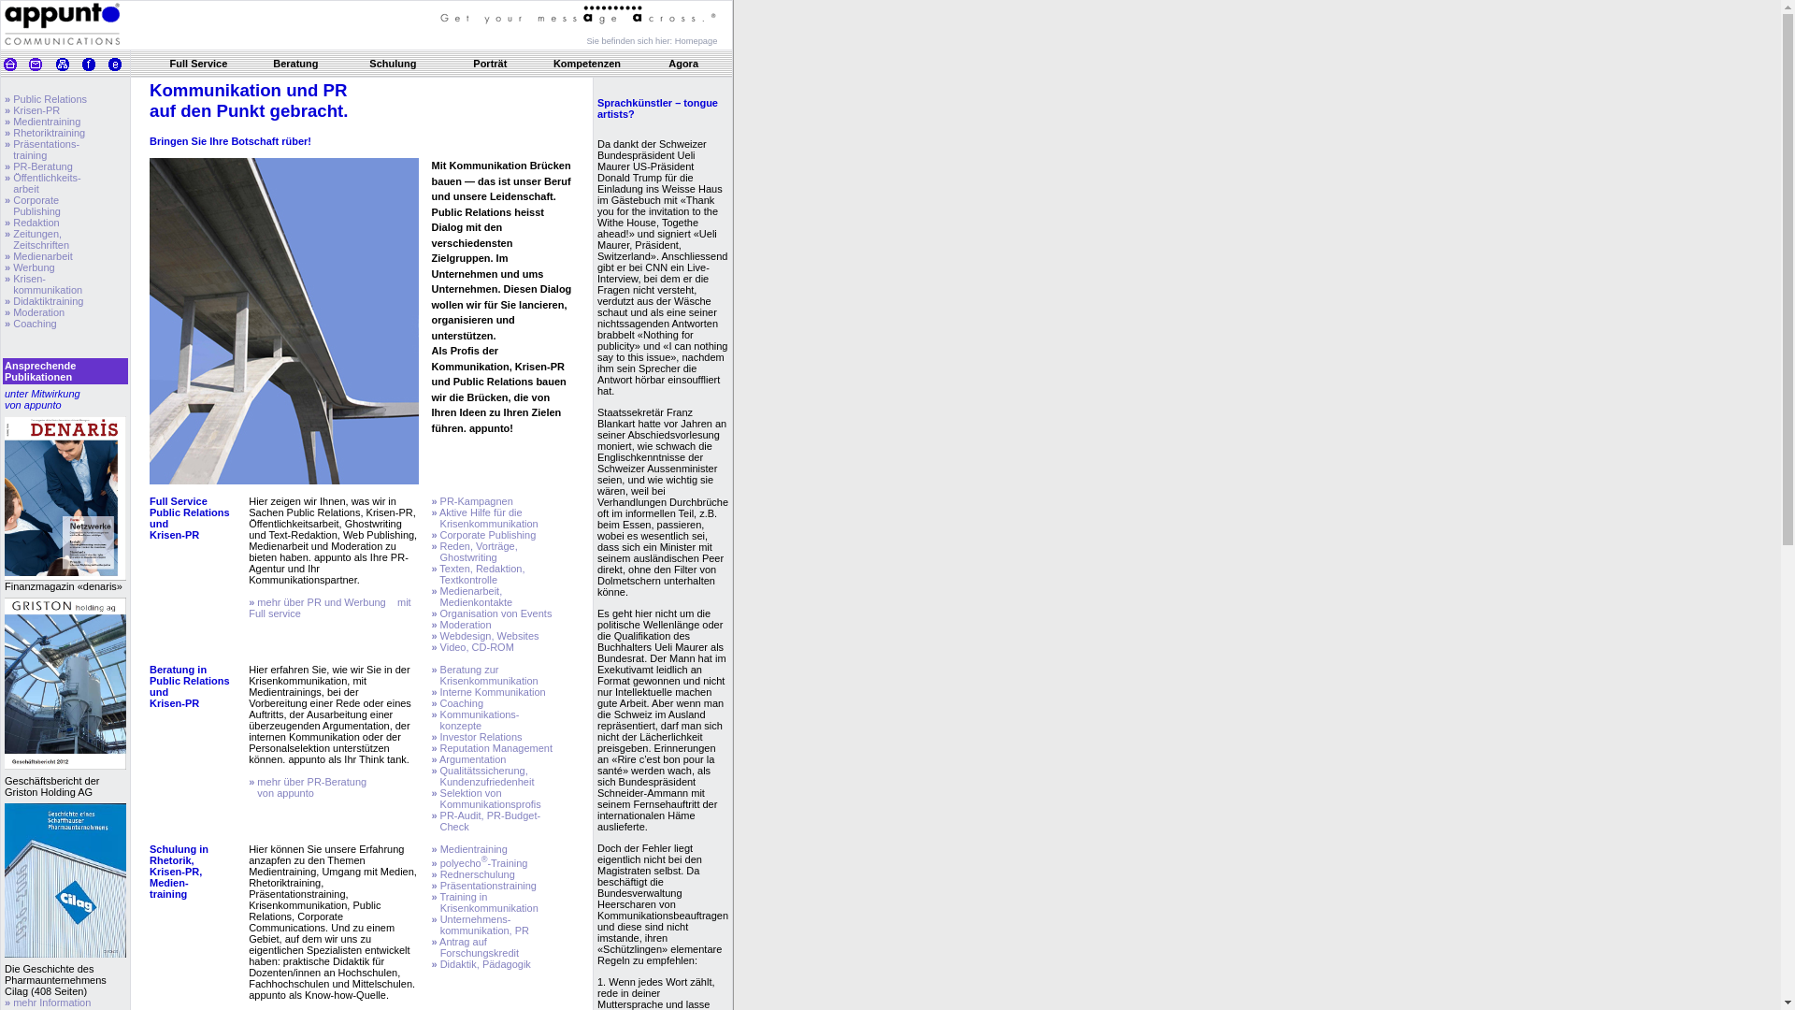 The width and height of the screenshot is (1795, 1010). What do you see at coordinates (668, 63) in the screenshot?
I see `'Agora'` at bounding box center [668, 63].